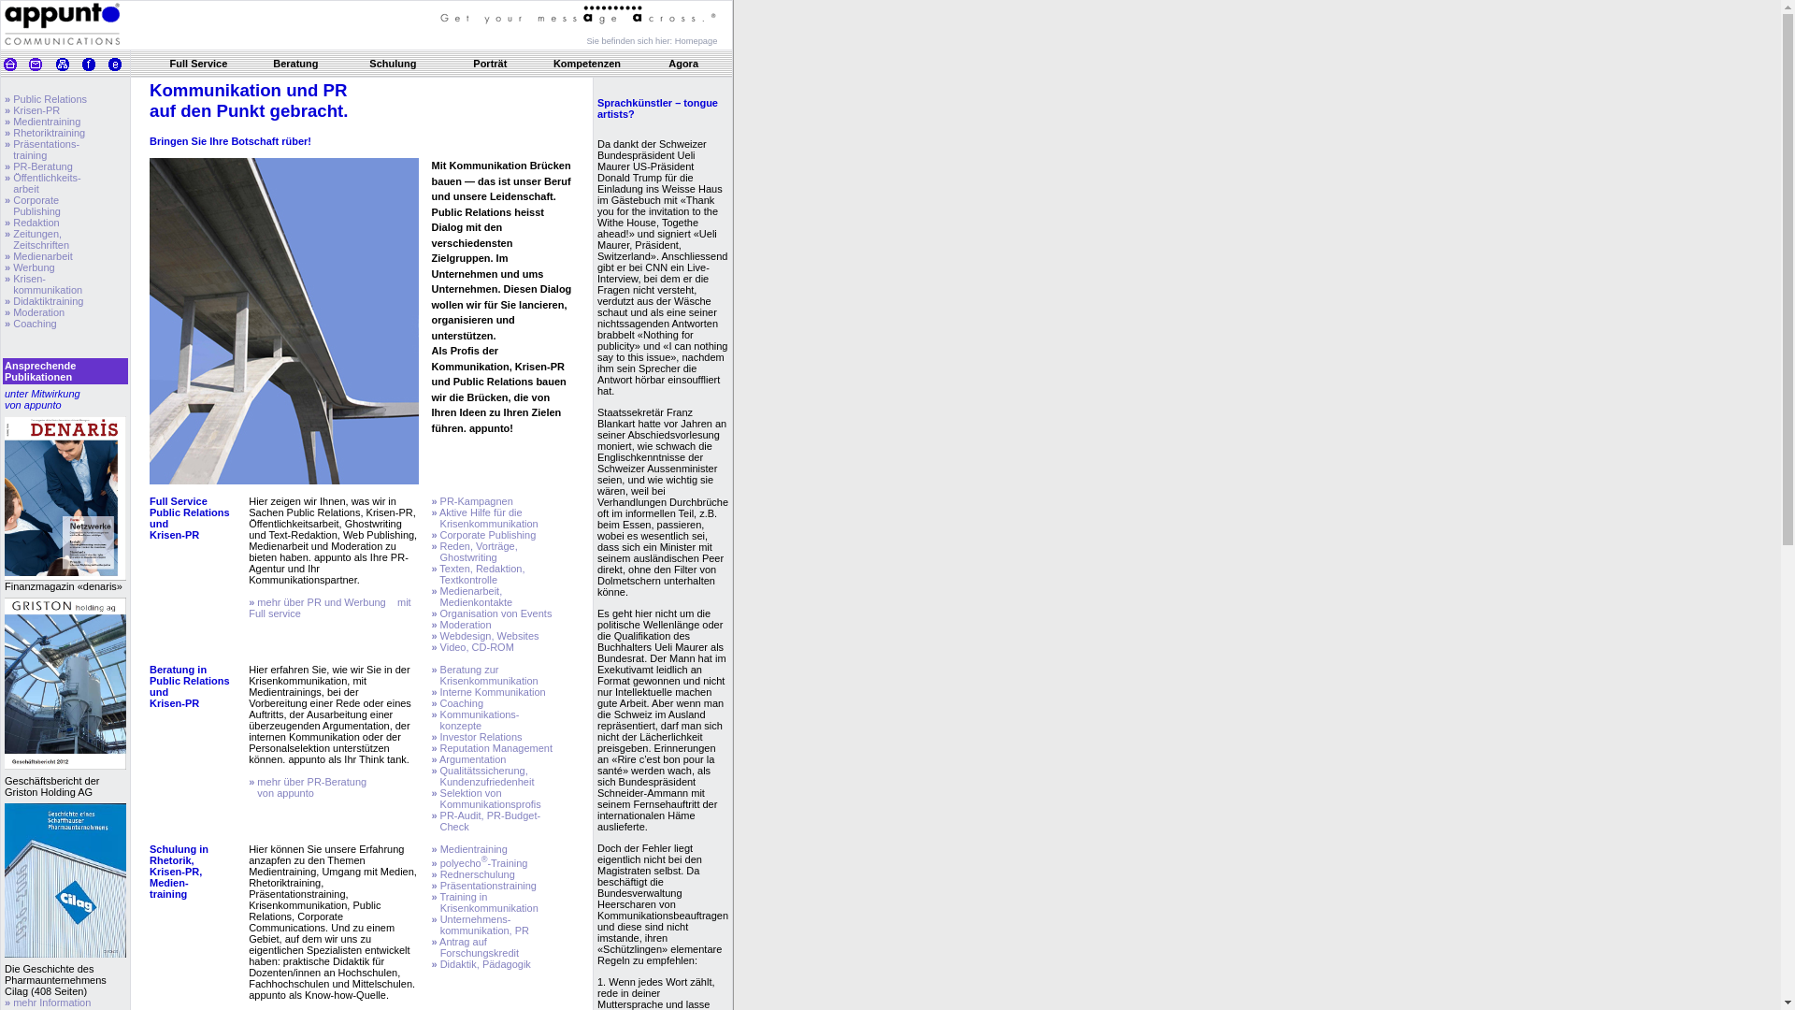 The width and height of the screenshot is (1795, 1010). What do you see at coordinates (668, 63) in the screenshot?
I see `'Agora'` at bounding box center [668, 63].